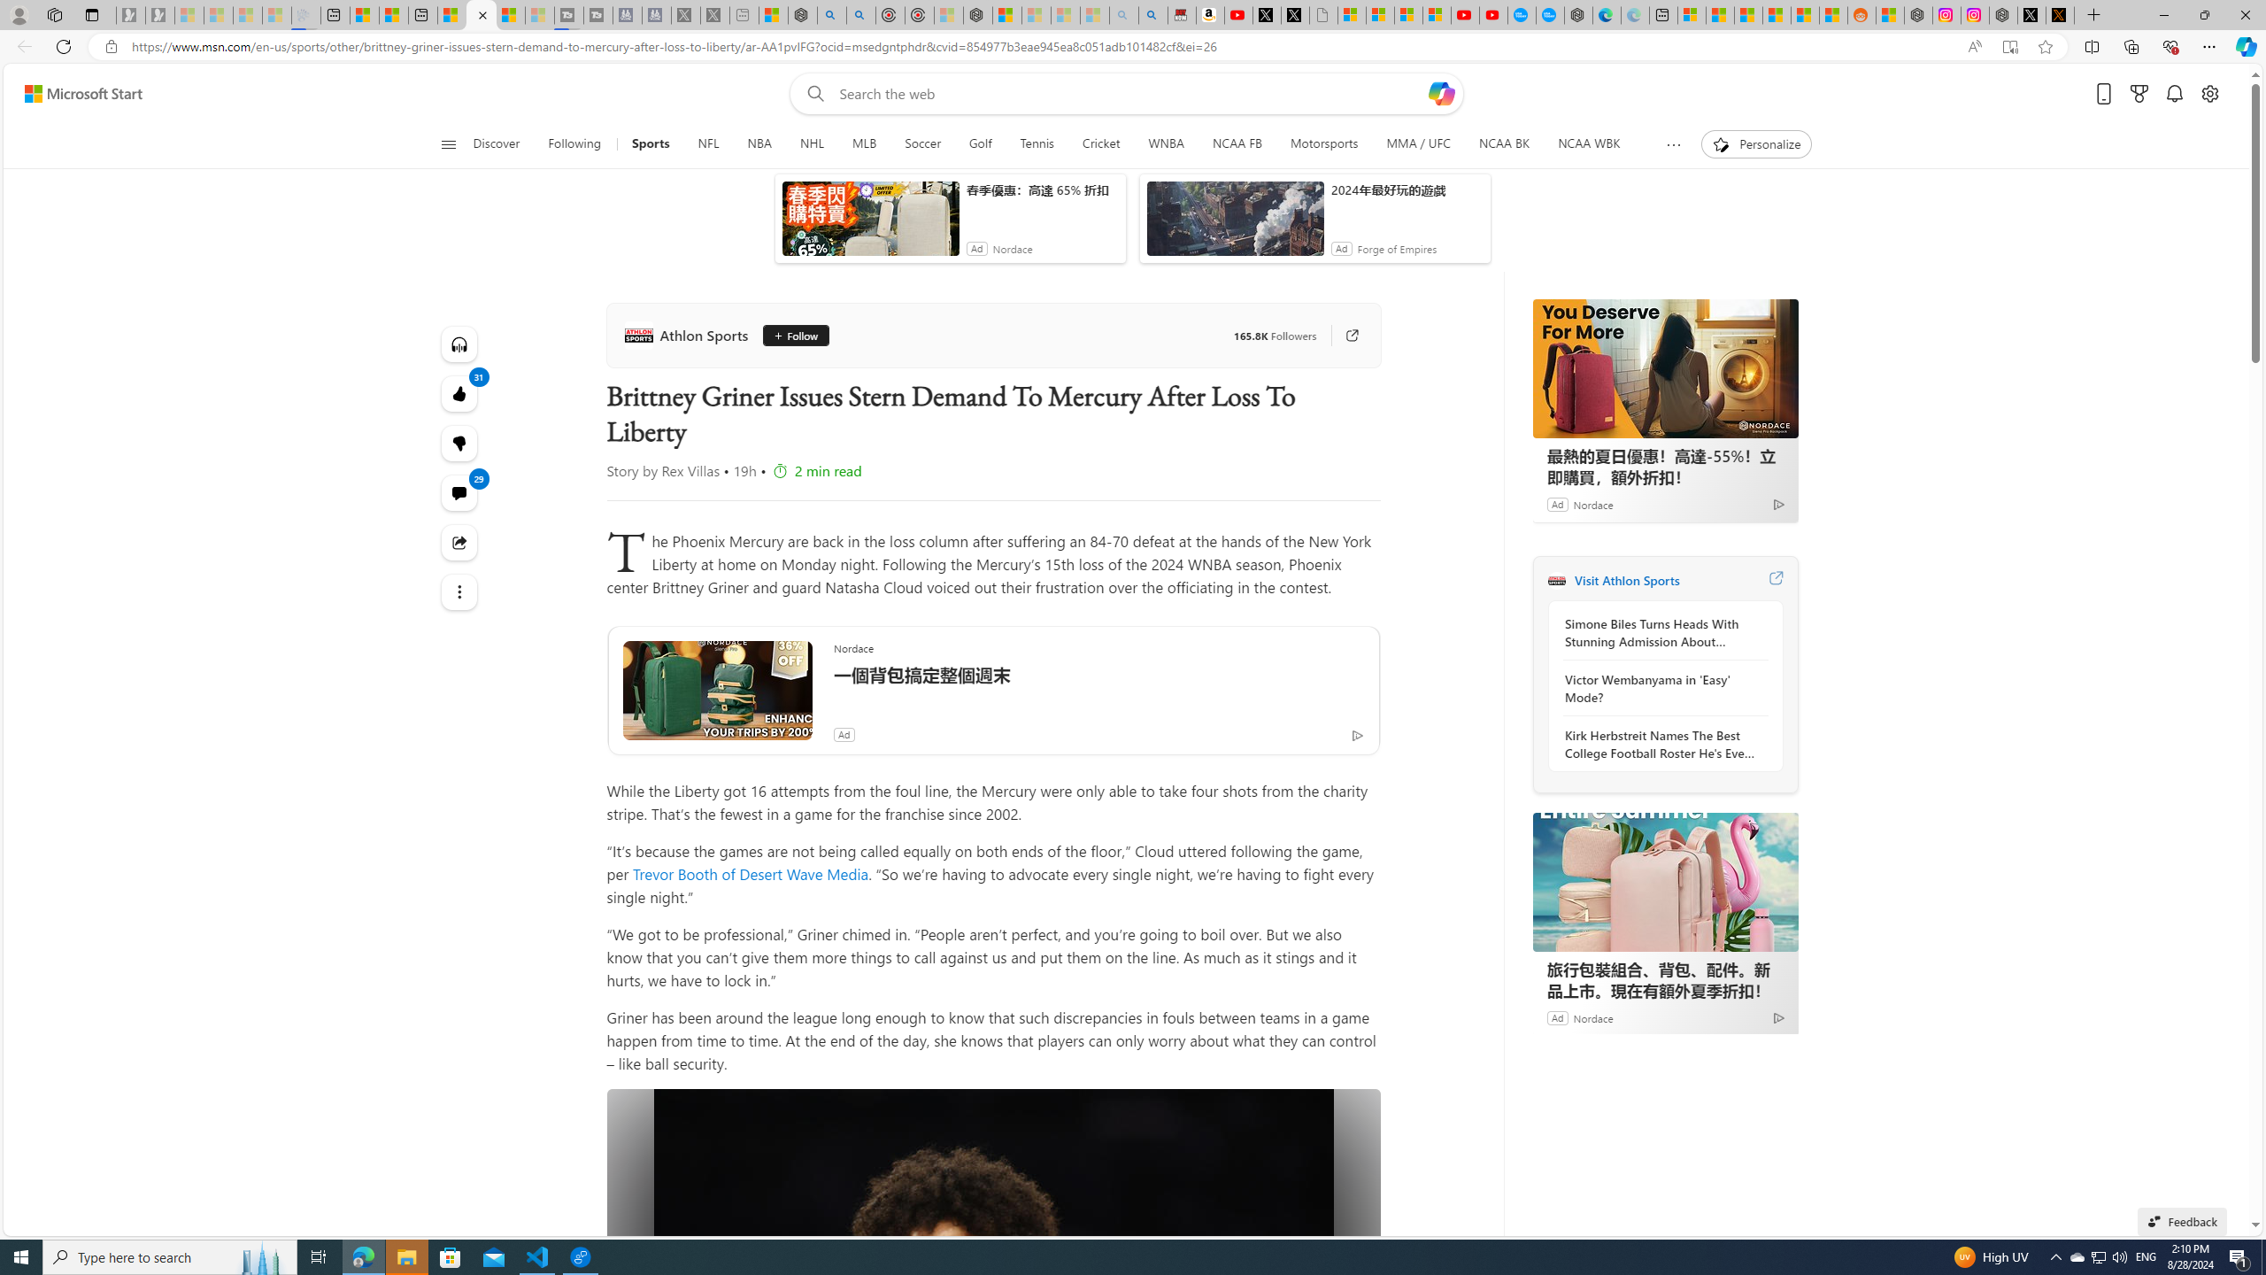  I want to click on 'View site information', so click(111, 47).